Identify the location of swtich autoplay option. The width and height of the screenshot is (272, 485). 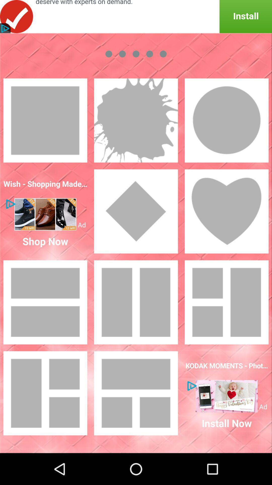
(136, 211).